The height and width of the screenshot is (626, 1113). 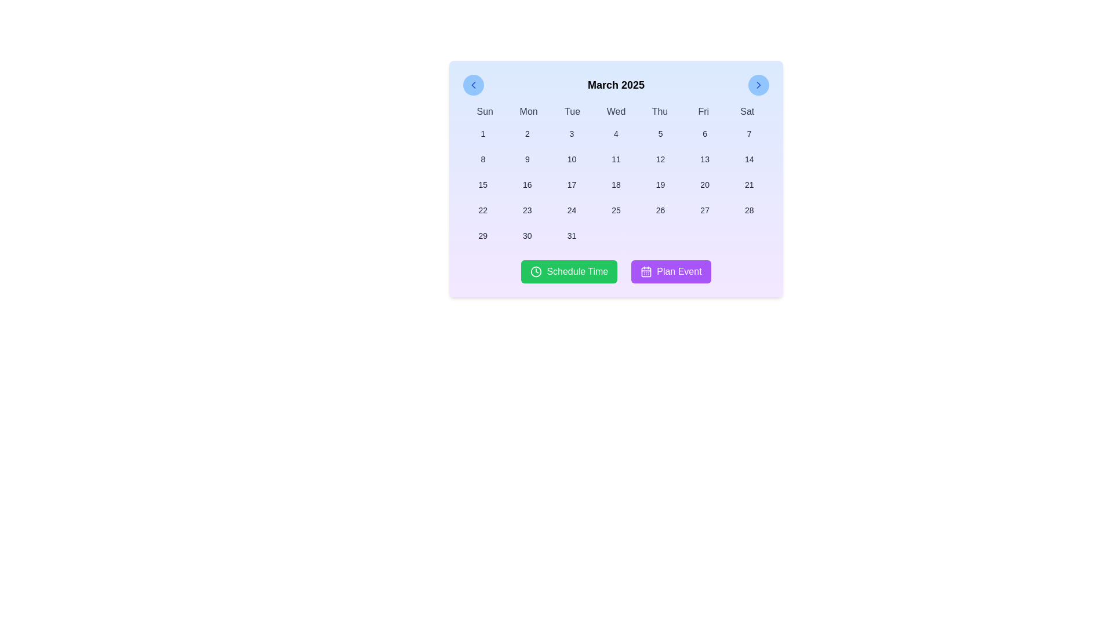 What do you see at coordinates (704, 133) in the screenshot?
I see `the rounded-rectangle button with the number '6' centered inside` at bounding box center [704, 133].